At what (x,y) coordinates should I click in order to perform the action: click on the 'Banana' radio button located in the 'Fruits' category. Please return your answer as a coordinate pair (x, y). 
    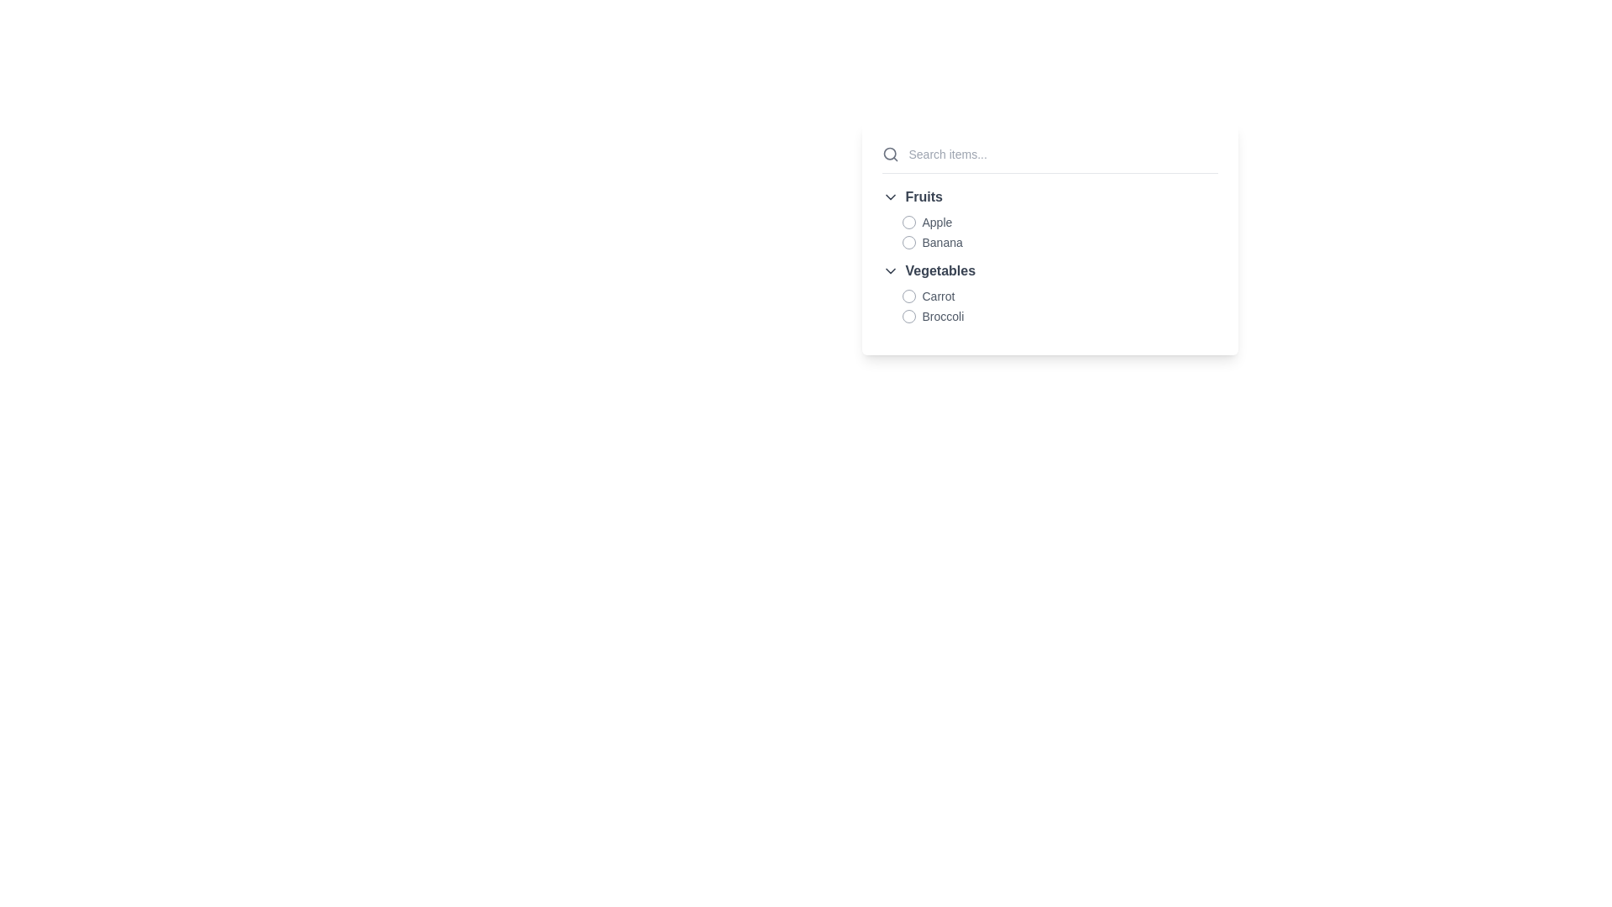
    Looking at the image, I should click on (1059, 243).